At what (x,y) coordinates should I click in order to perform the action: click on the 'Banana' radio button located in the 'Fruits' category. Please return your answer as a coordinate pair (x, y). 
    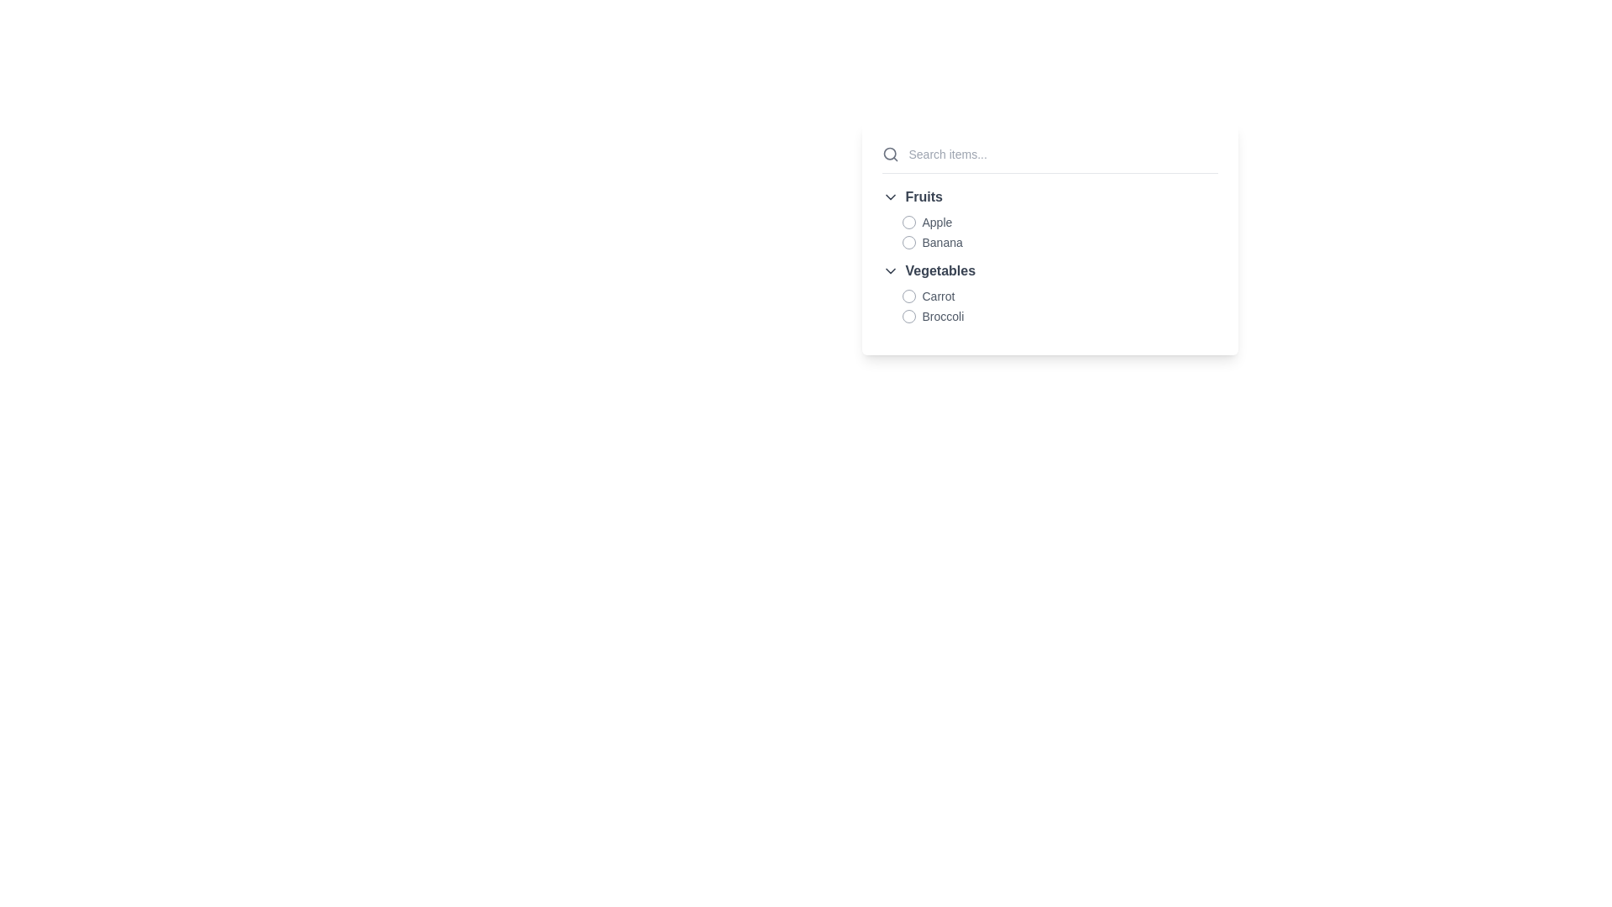
    Looking at the image, I should click on (1059, 243).